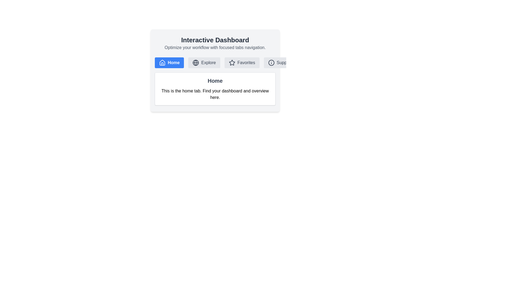  I want to click on the tab labeled Home to switch to it, so click(169, 62).